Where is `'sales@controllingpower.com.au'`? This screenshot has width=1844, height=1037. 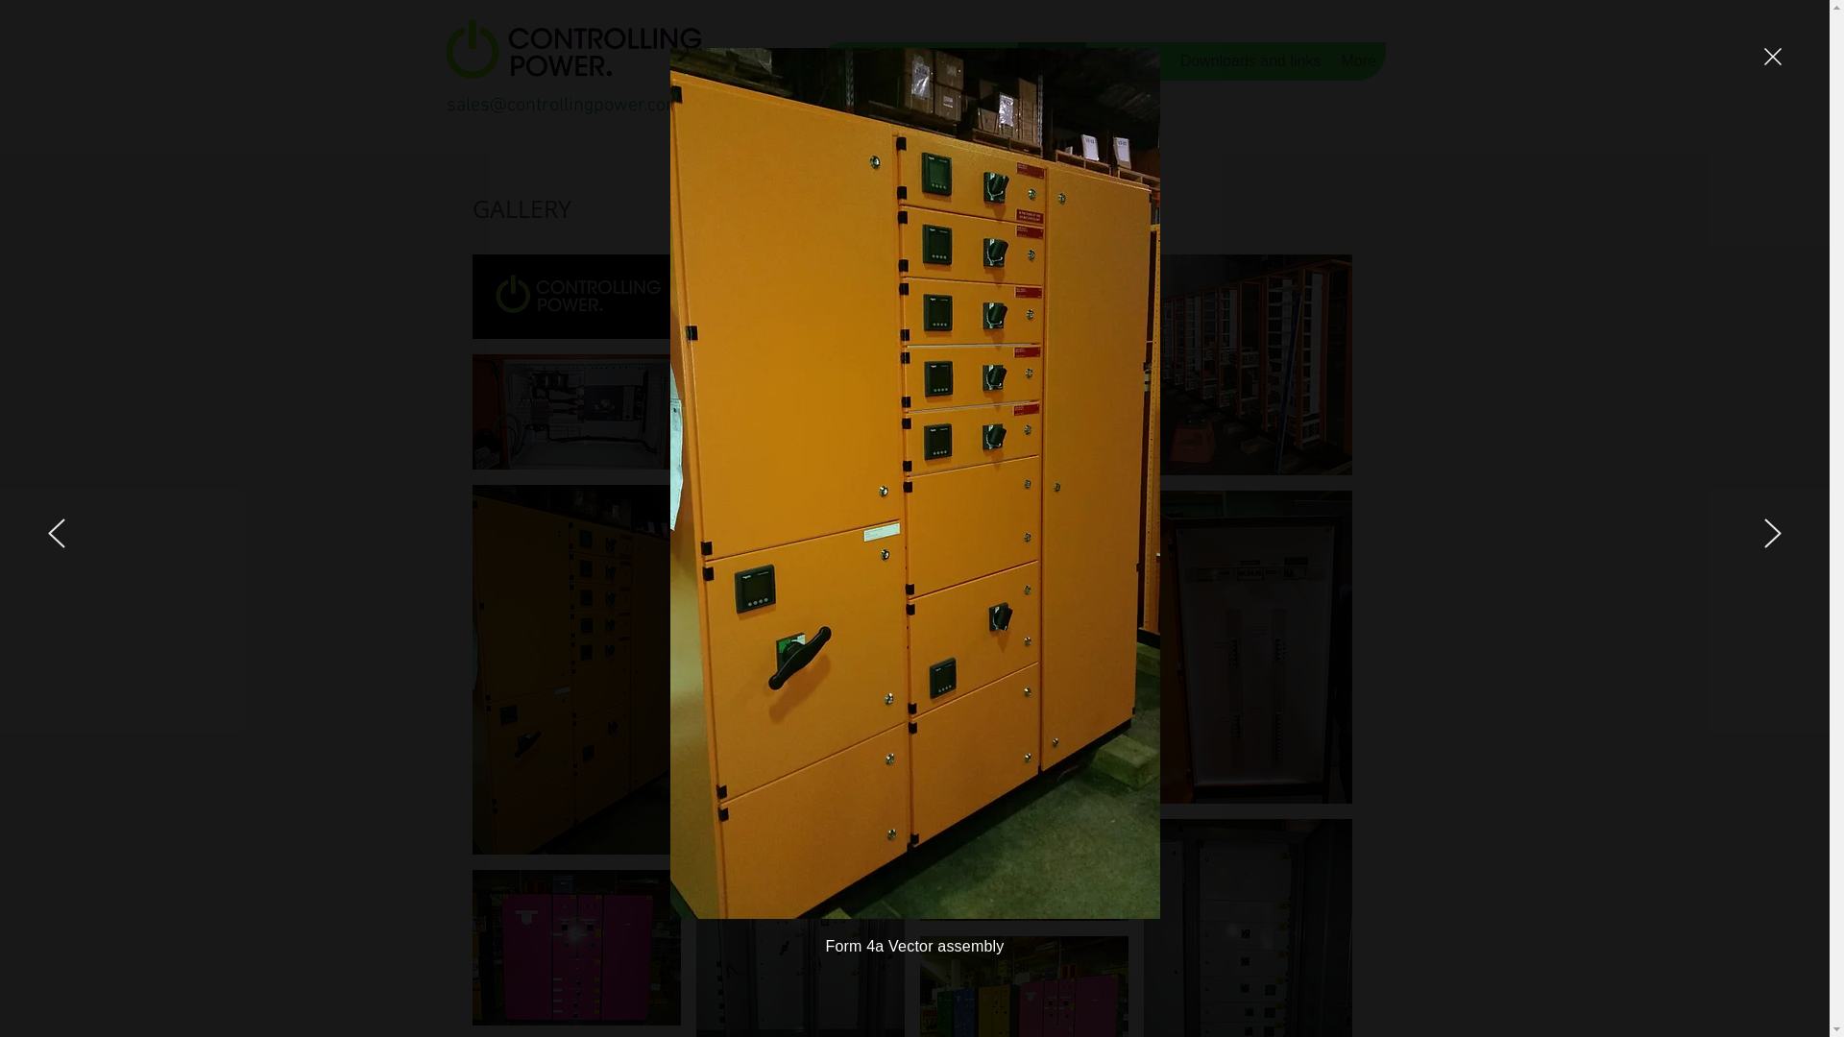 'sales@controllingpower.com.au' is located at coordinates (574, 106).